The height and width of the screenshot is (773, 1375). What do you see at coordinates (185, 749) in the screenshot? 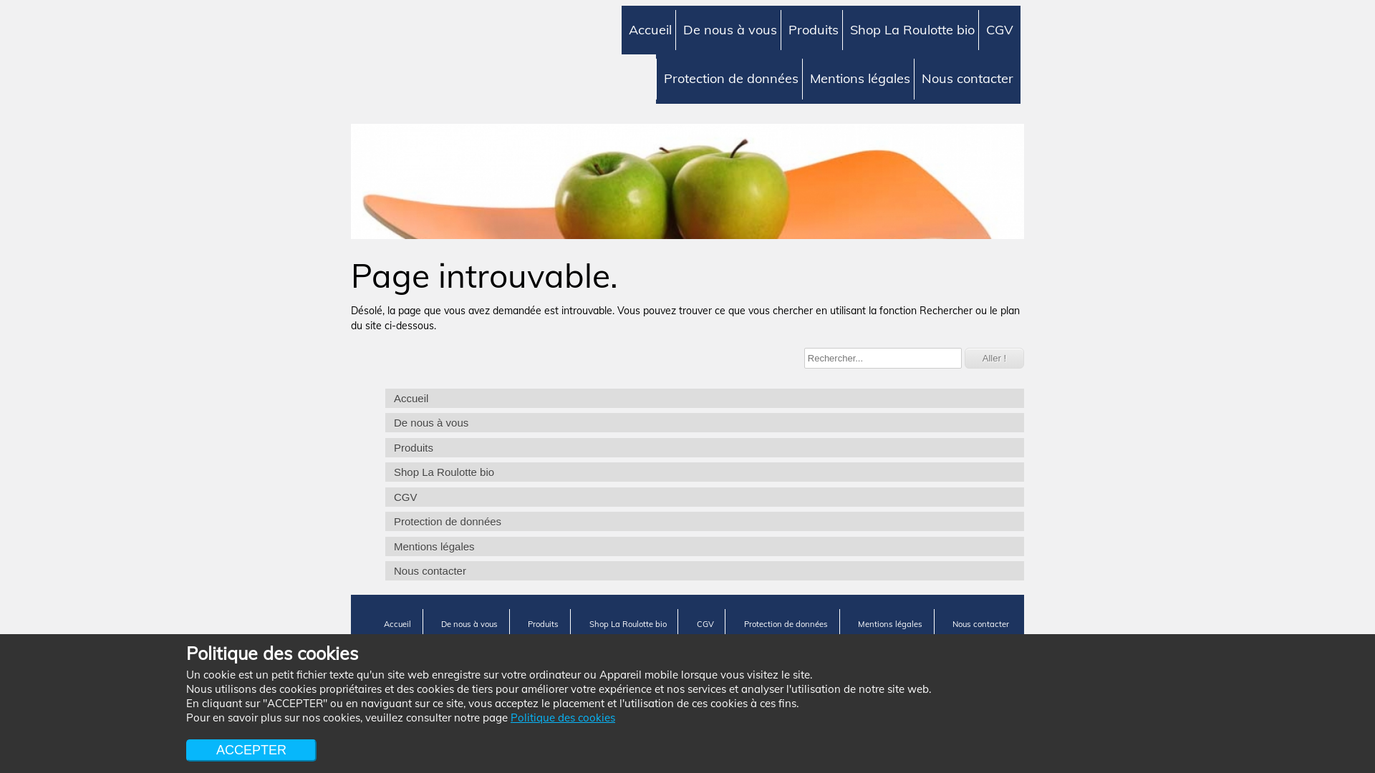
I see `'ACCEPTER'` at bounding box center [185, 749].